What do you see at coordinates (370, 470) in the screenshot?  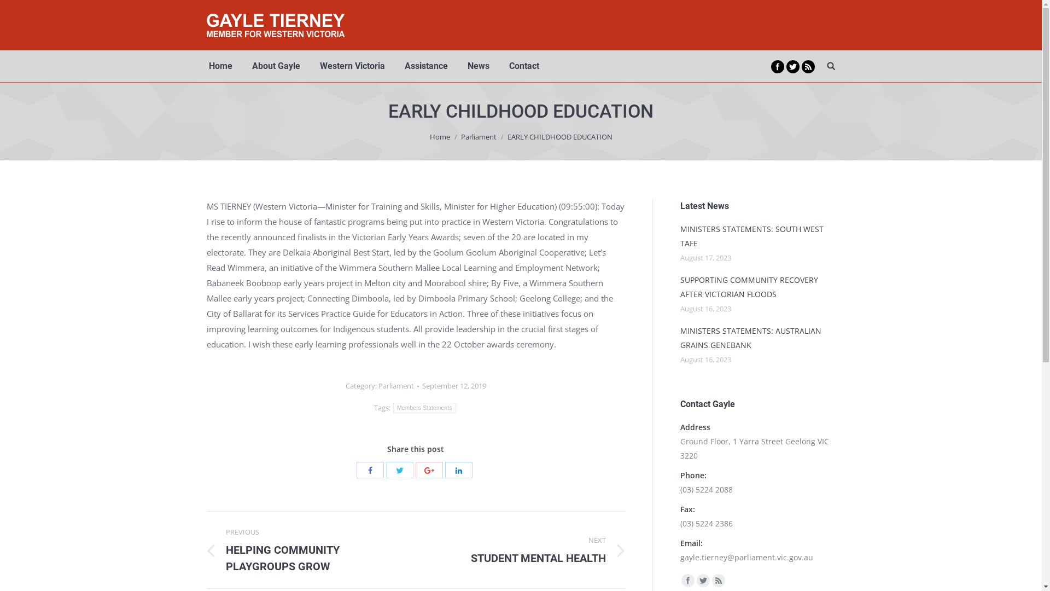 I see `'Facebook'` at bounding box center [370, 470].